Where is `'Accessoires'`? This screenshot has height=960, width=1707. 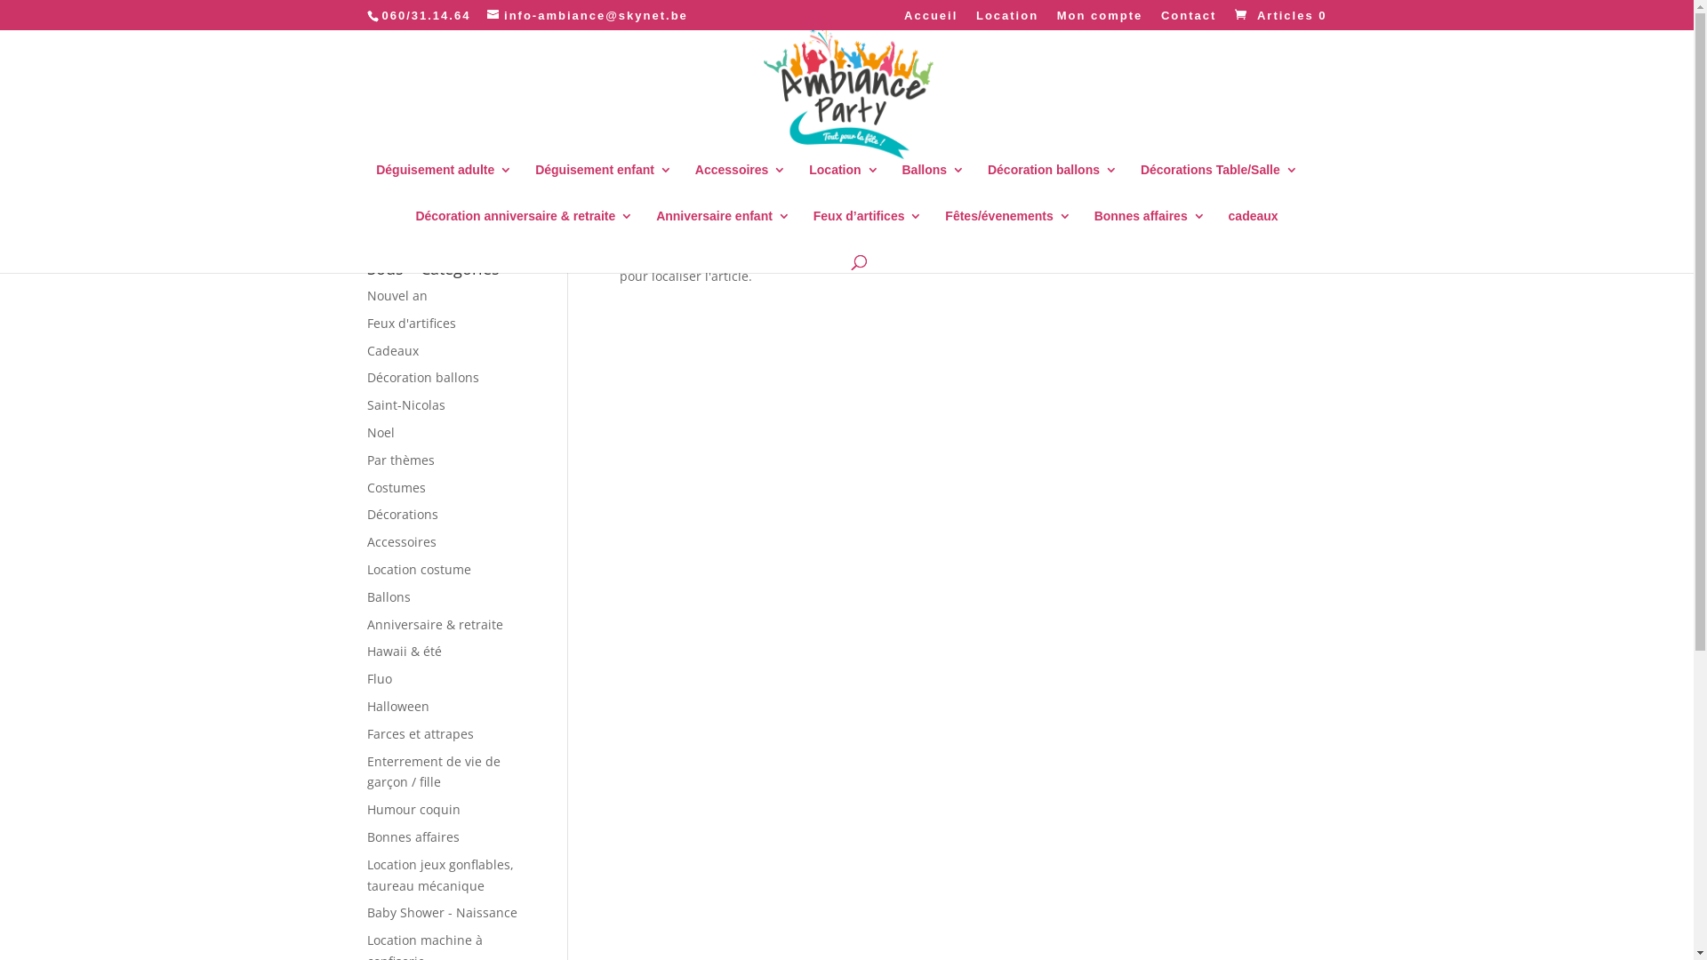 'Accessoires' is located at coordinates (741, 182).